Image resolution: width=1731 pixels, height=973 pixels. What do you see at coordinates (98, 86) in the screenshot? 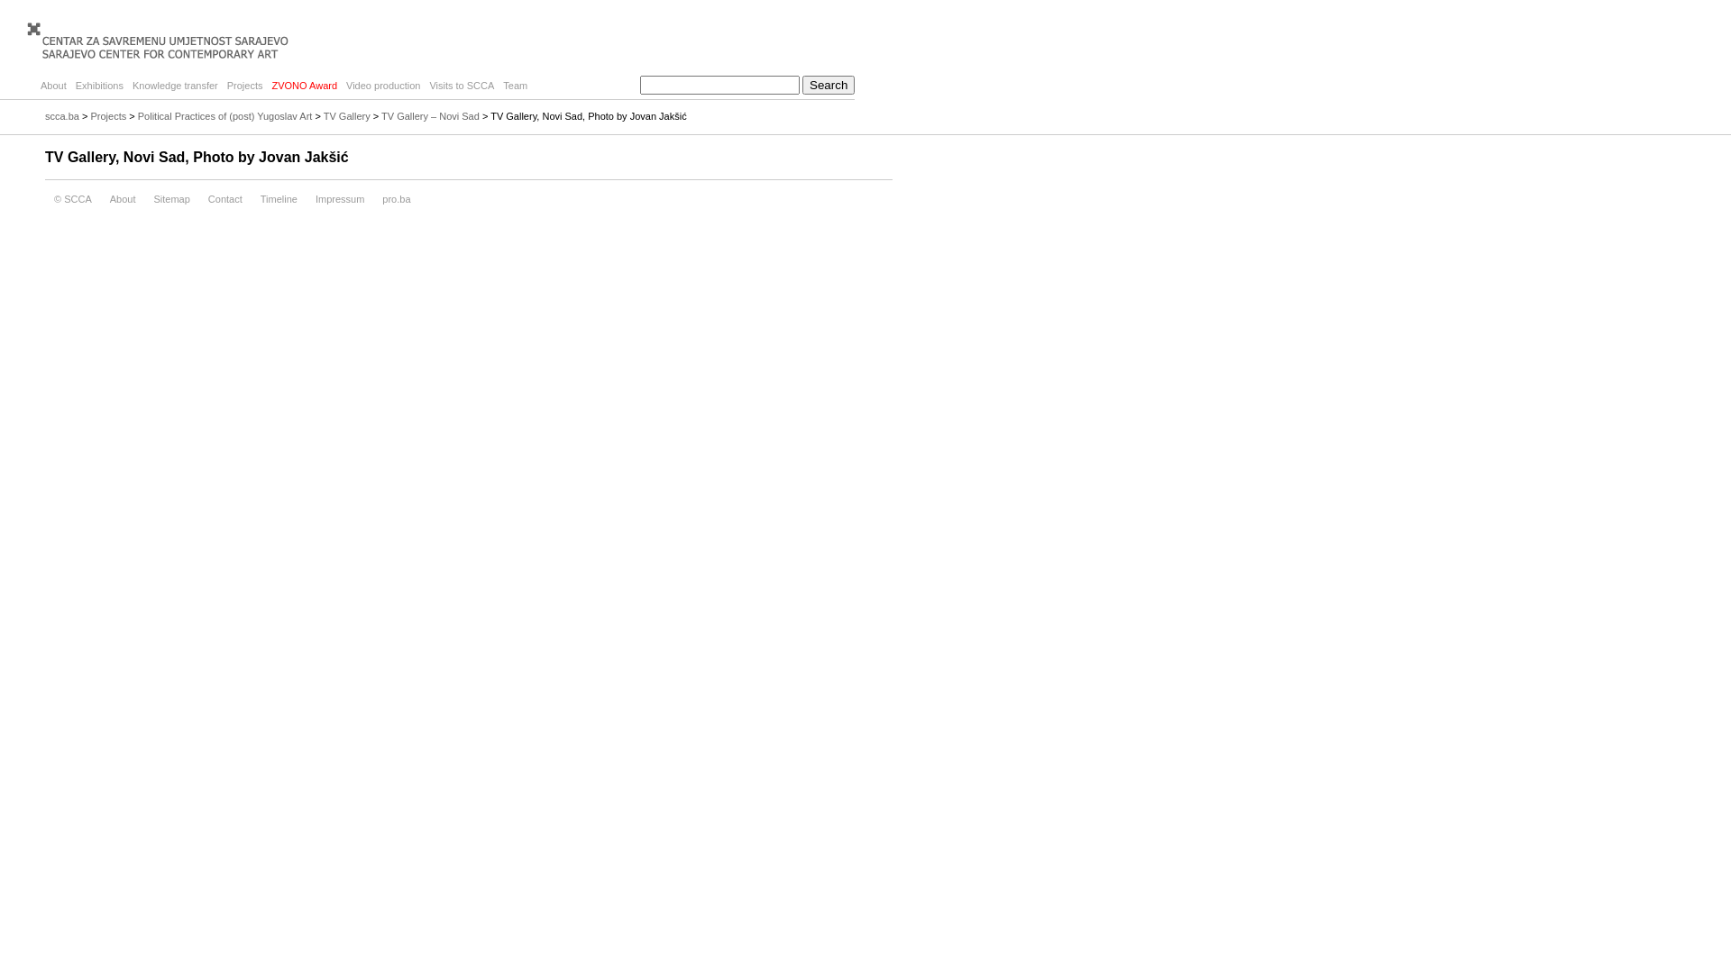
I see `'Exhibitions'` at bounding box center [98, 86].